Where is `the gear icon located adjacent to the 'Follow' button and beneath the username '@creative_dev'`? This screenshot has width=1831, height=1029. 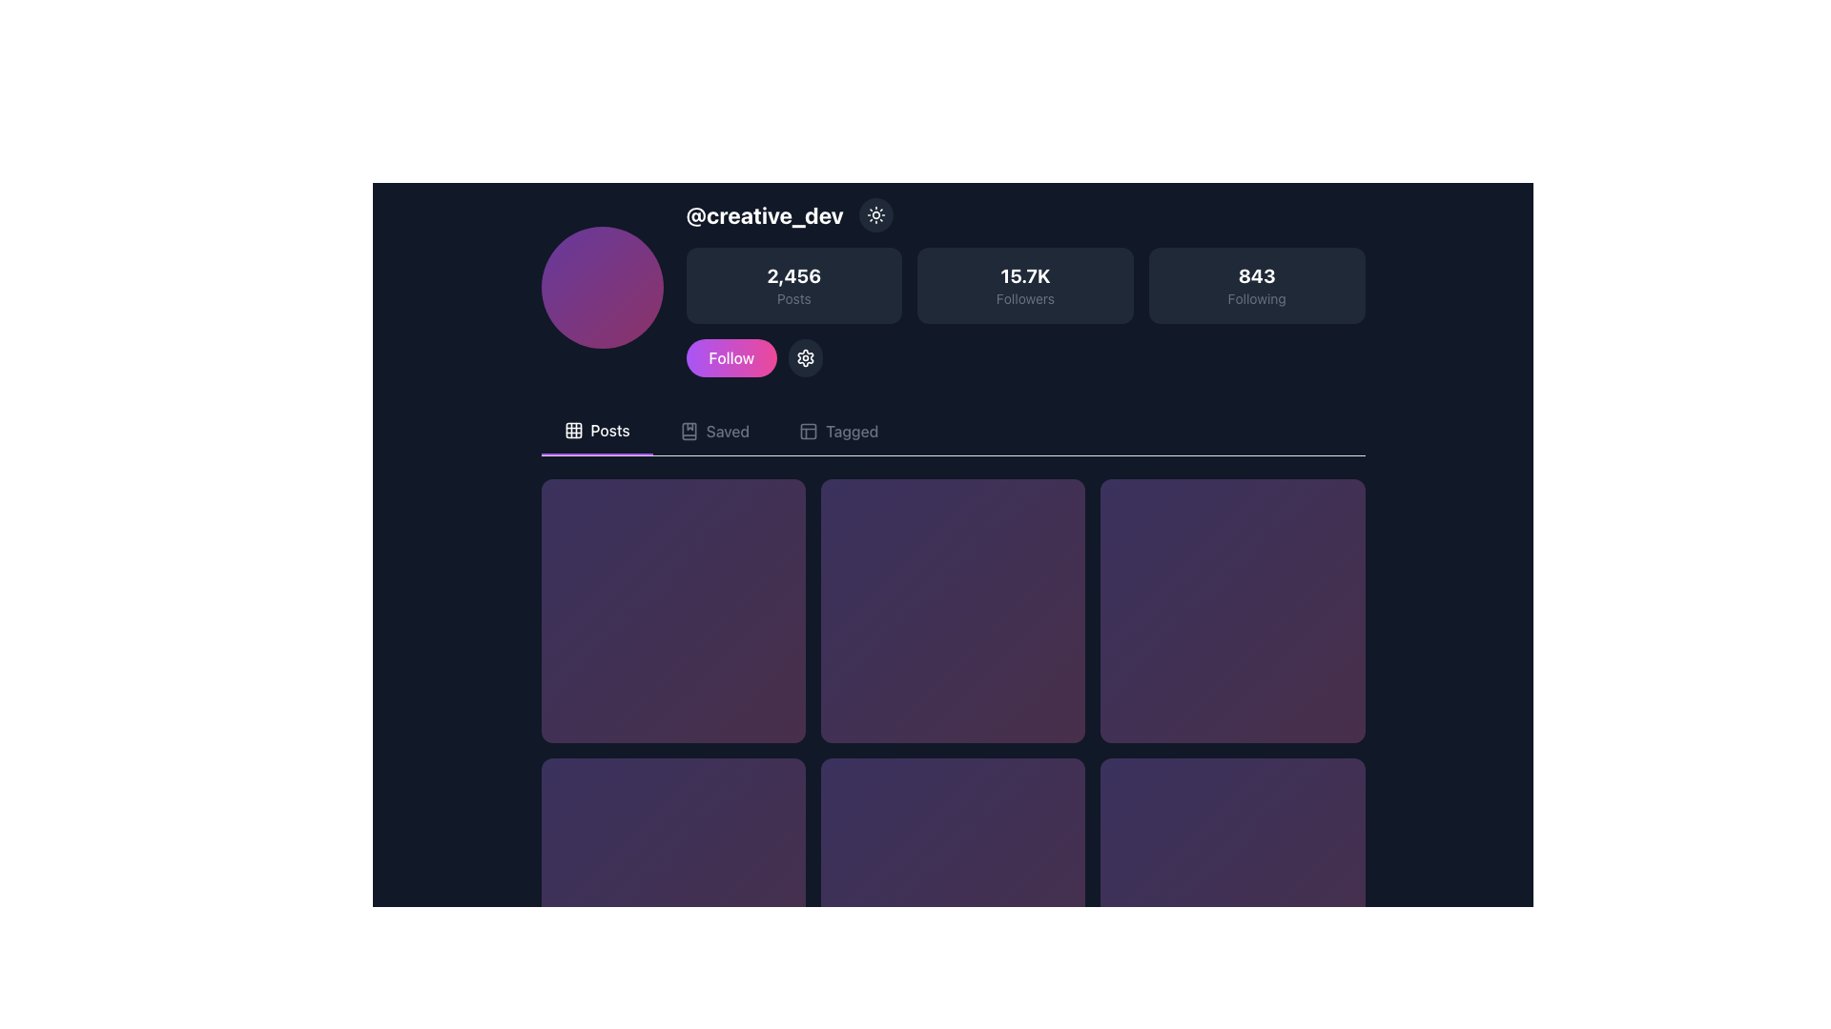
the gear icon located adjacent to the 'Follow' button and beneath the username '@creative_dev' is located at coordinates (806, 357).